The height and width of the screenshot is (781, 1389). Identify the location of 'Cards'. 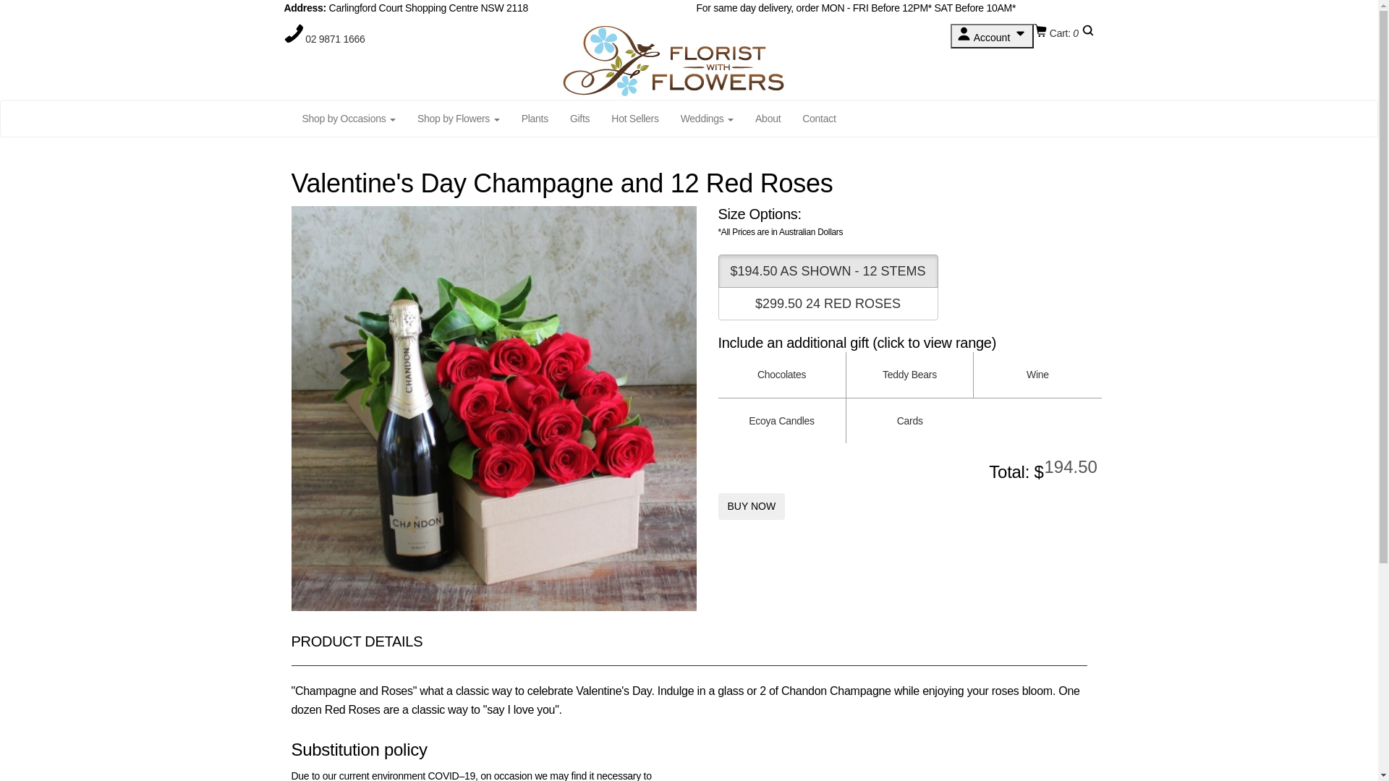
(909, 421).